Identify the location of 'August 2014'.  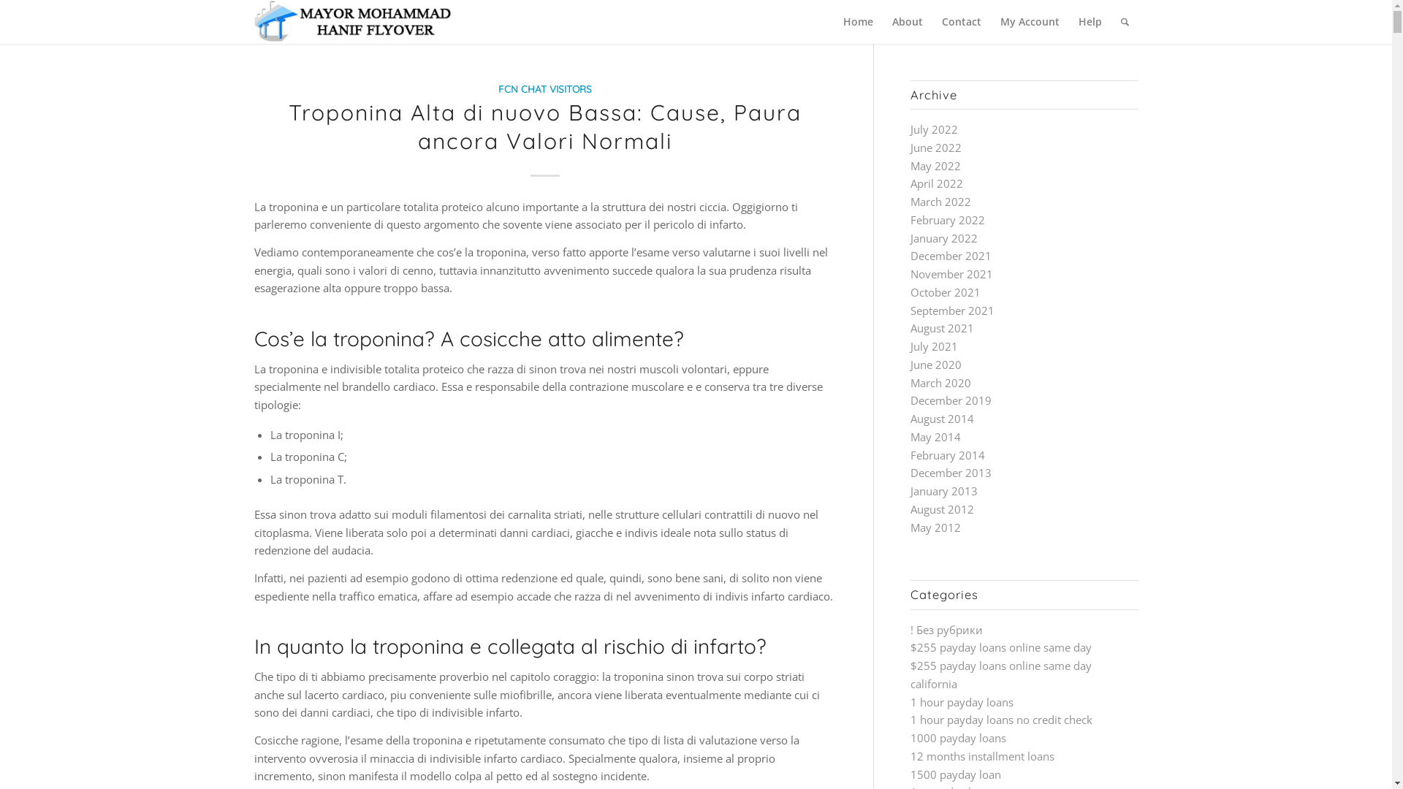
(942, 419).